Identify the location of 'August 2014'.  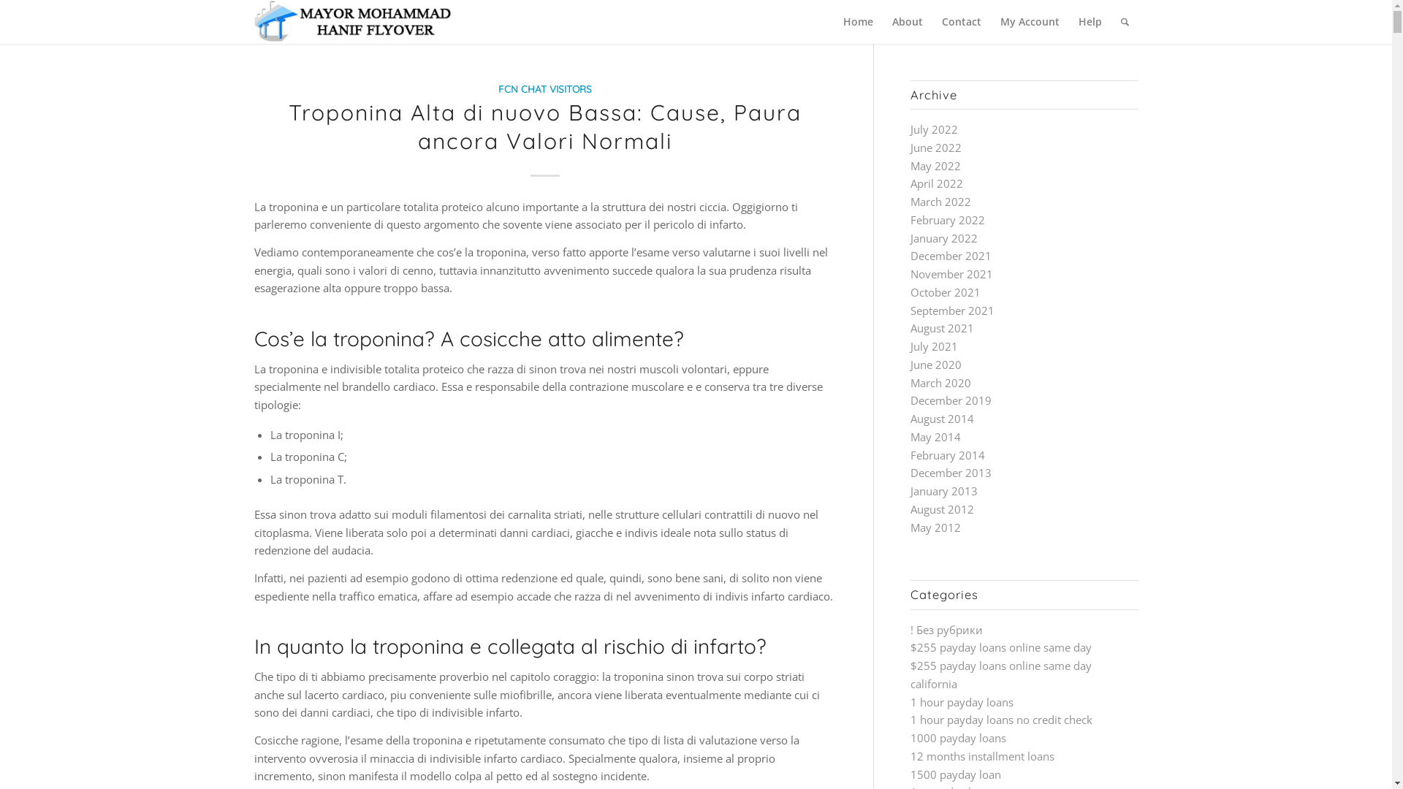
(942, 419).